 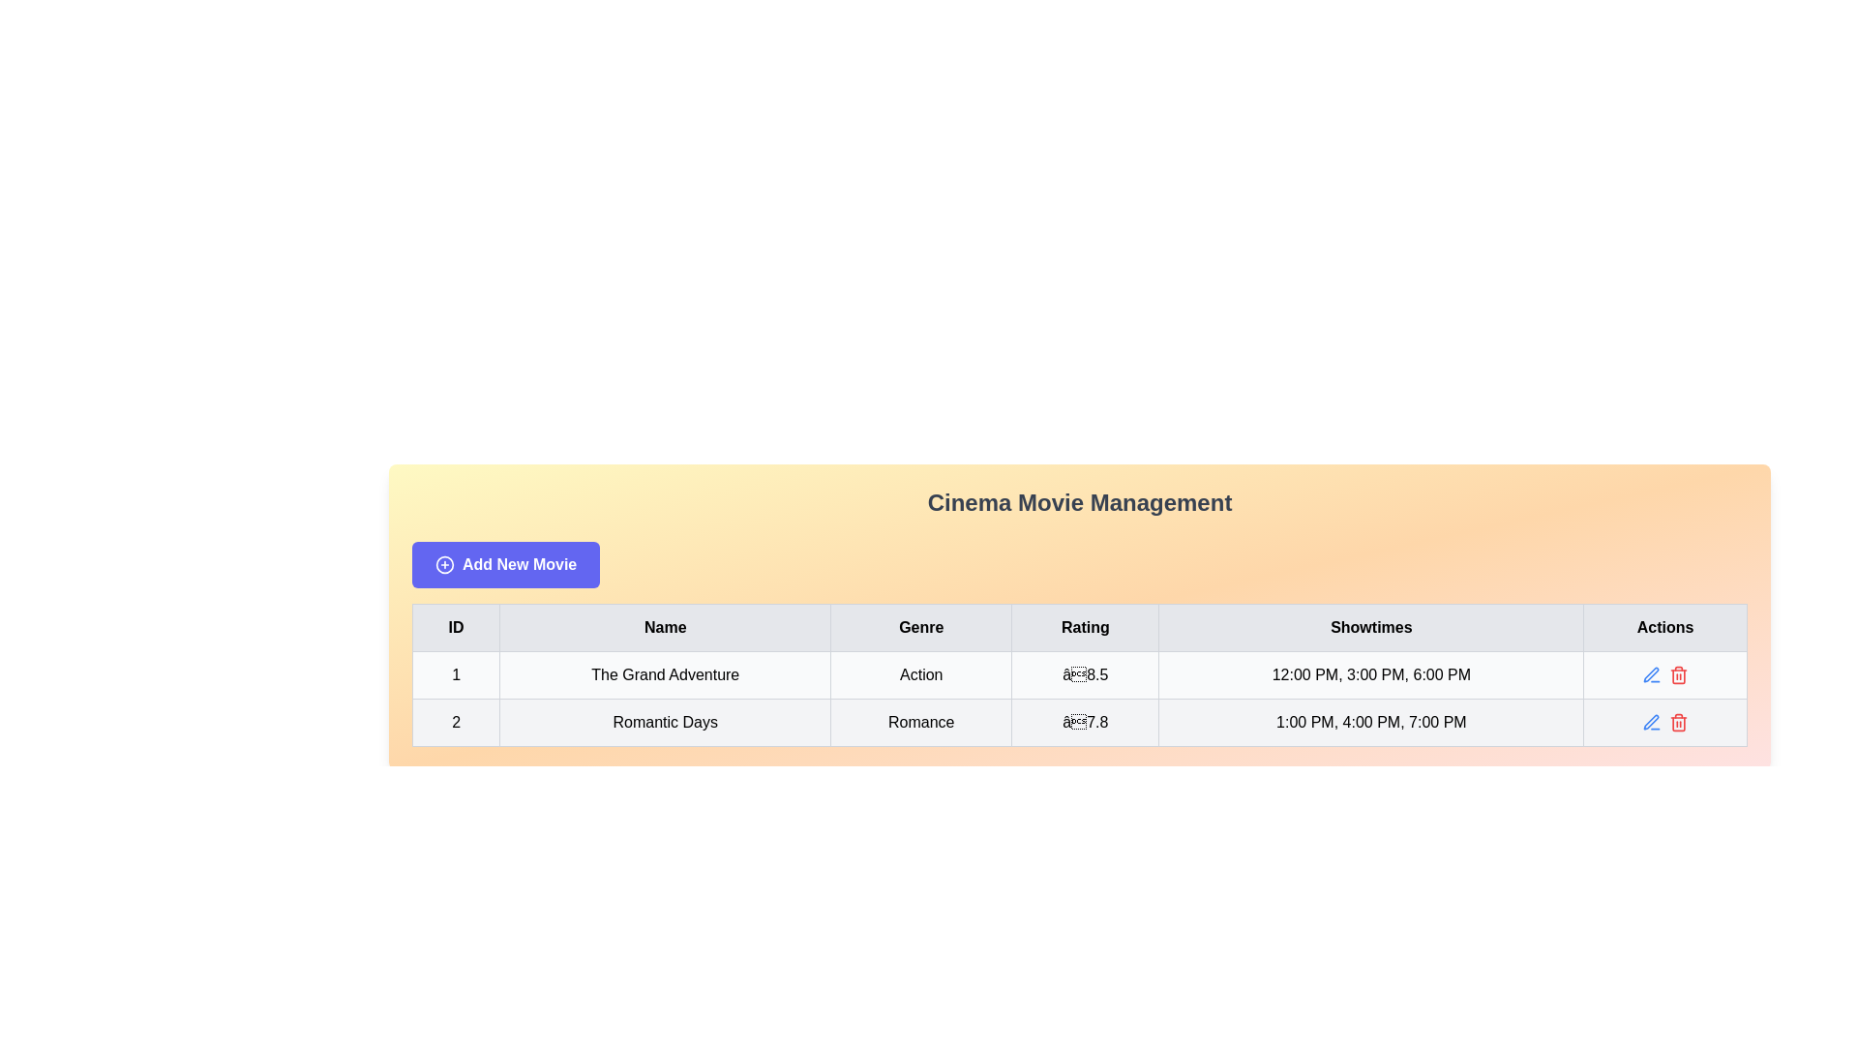 What do you see at coordinates (1677, 723) in the screenshot?
I see `the red trash can icon button located in the 'Actions' column of the second row in the data table` at bounding box center [1677, 723].